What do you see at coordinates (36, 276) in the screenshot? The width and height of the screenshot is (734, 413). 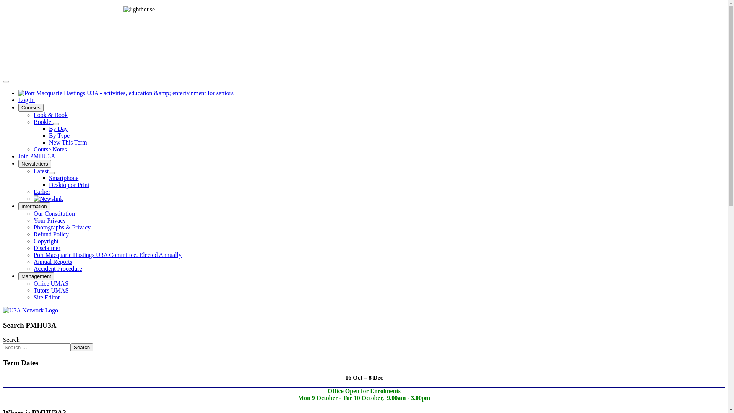 I see `'Management'` at bounding box center [36, 276].